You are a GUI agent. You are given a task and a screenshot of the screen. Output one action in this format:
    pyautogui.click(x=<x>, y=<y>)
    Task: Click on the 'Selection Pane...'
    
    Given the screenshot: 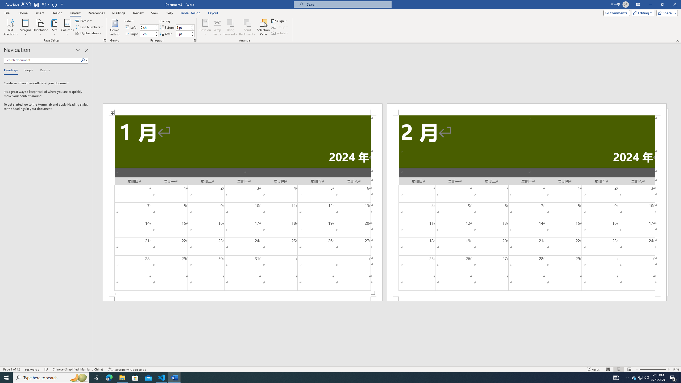 What is the action you would take?
    pyautogui.click(x=263, y=27)
    